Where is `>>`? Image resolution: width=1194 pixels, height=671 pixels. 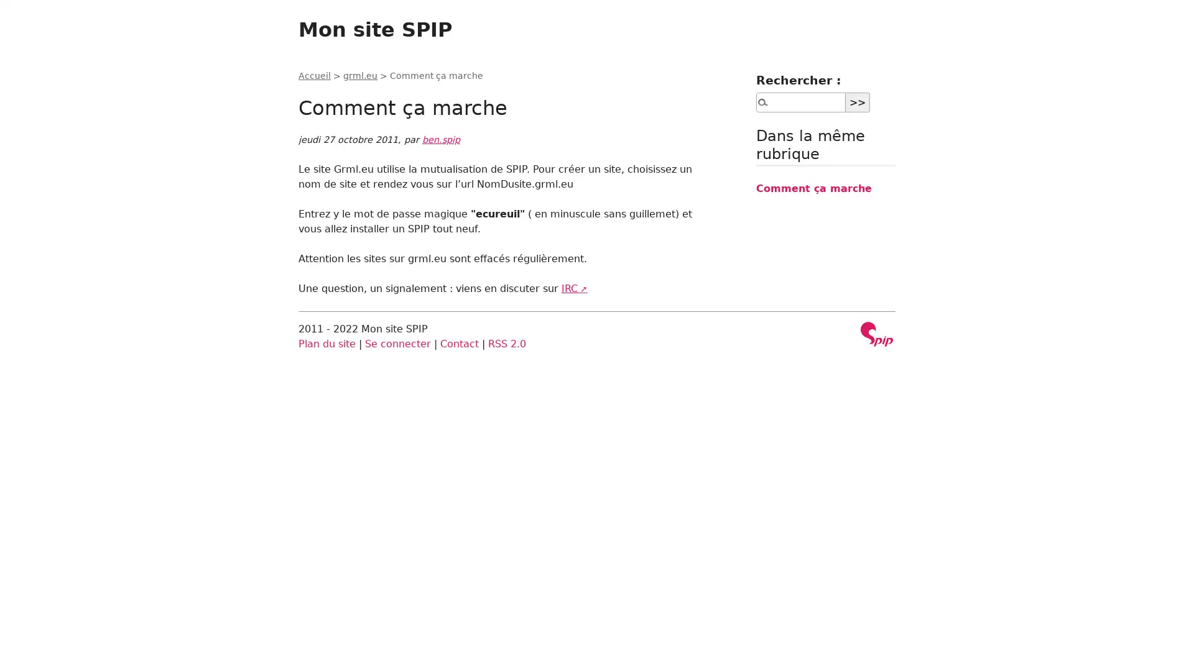 >> is located at coordinates (857, 101).